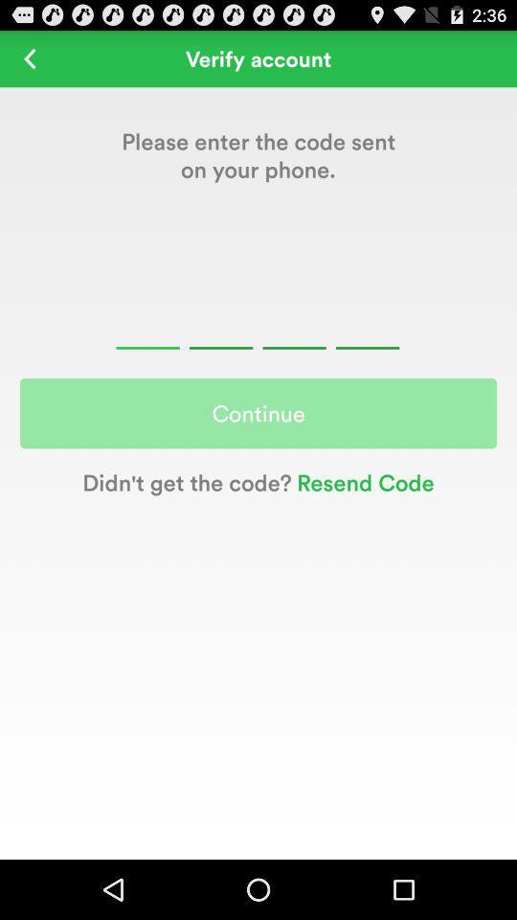 The height and width of the screenshot is (920, 517). What do you see at coordinates (29, 58) in the screenshot?
I see `go back` at bounding box center [29, 58].